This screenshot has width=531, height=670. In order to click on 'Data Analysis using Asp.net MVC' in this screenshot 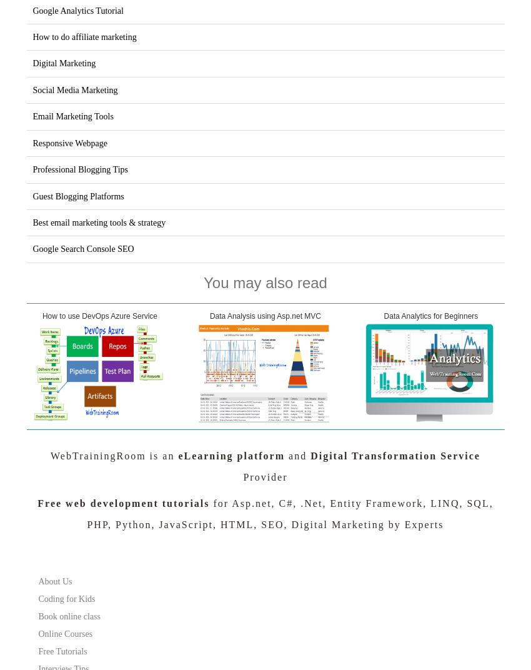, I will do `click(265, 316)`.